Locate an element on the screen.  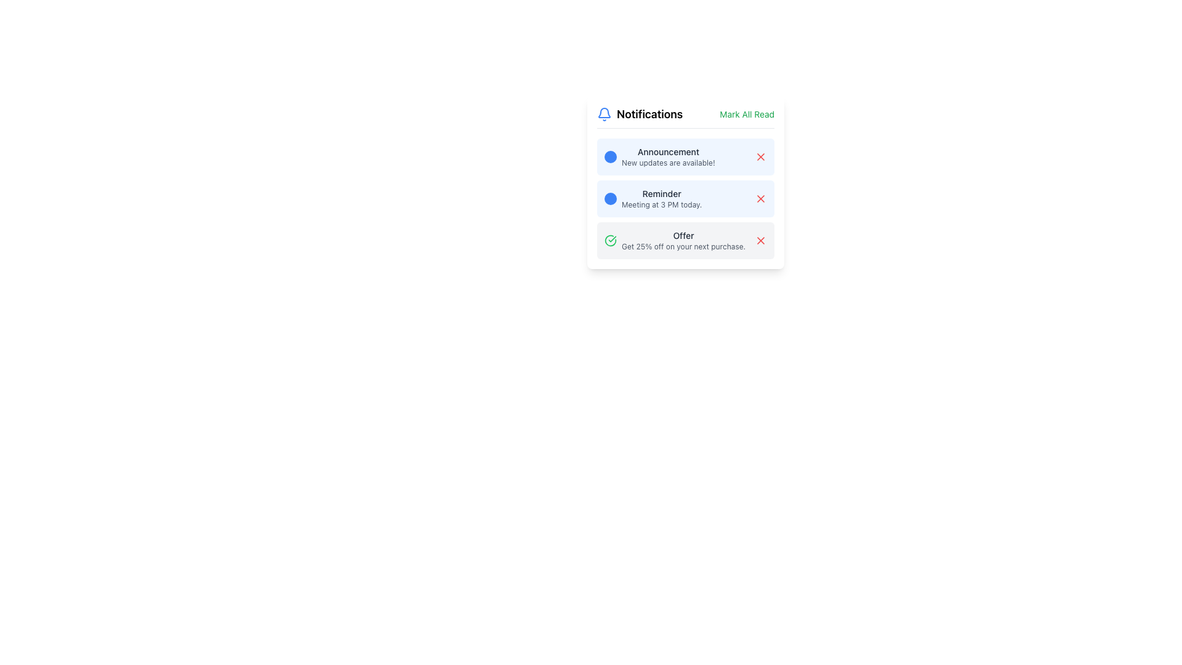
the small red cross icon located at the top right corner of the 'Announcement' notification card is located at coordinates (760, 156).